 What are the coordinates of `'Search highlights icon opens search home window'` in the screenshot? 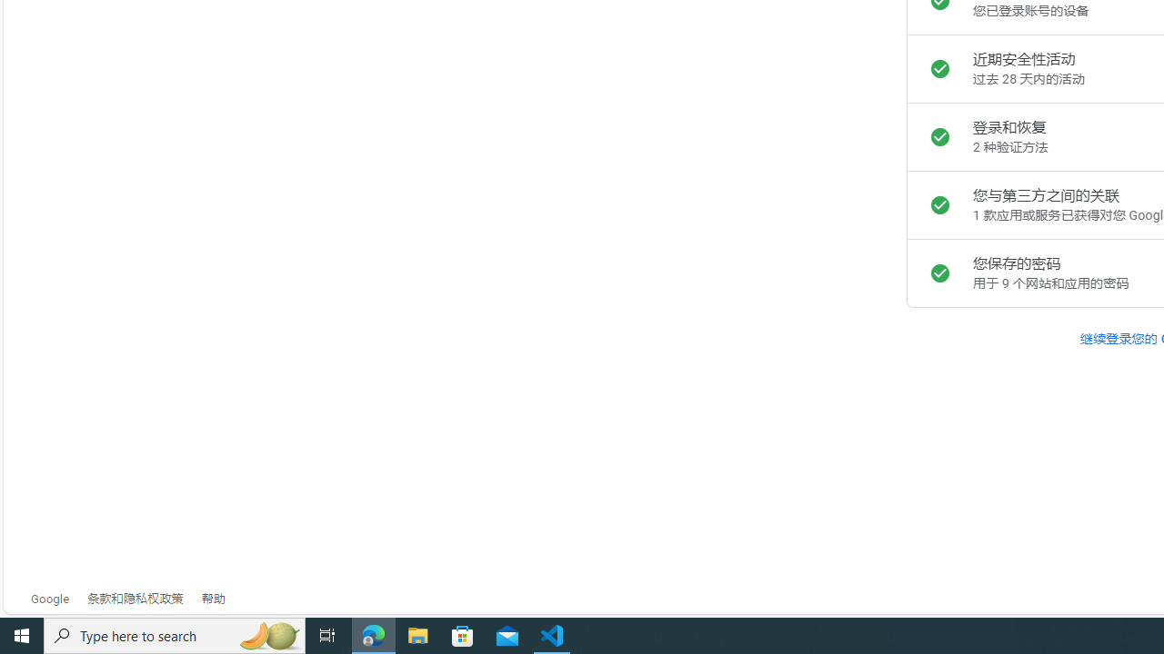 It's located at (267, 634).